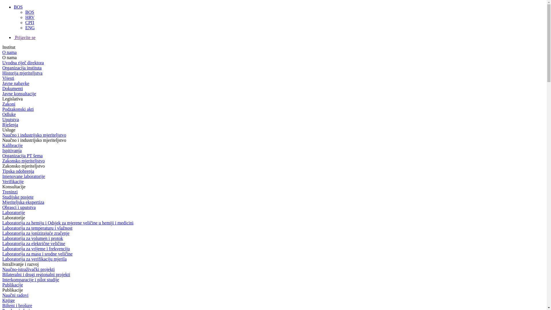 Image resolution: width=551 pixels, height=310 pixels. Describe the element at coordinates (36, 274) in the screenshot. I see `'Bilateralni i drugi regionalni projekti'` at that location.